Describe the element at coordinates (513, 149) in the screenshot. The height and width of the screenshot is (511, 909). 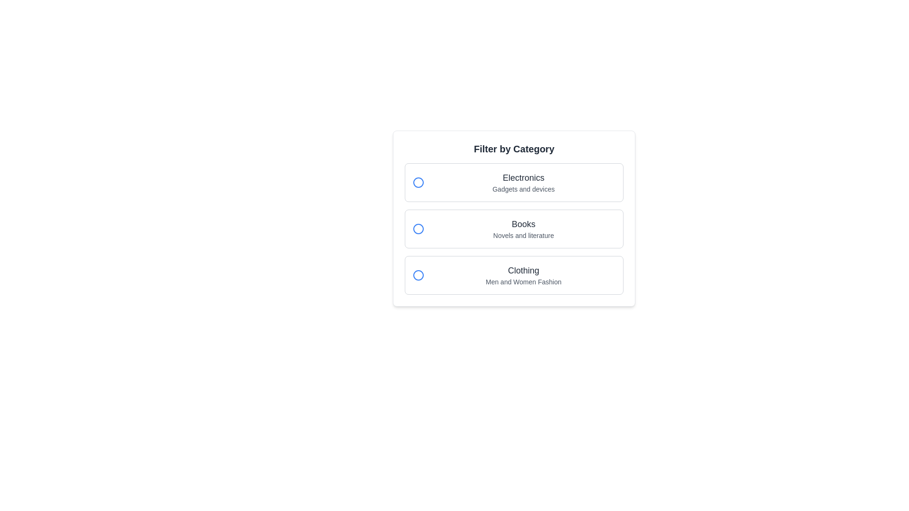
I see `the heading text label that introduces the category filtering options for 'Electronics', 'Books', and 'Clothing'` at that location.